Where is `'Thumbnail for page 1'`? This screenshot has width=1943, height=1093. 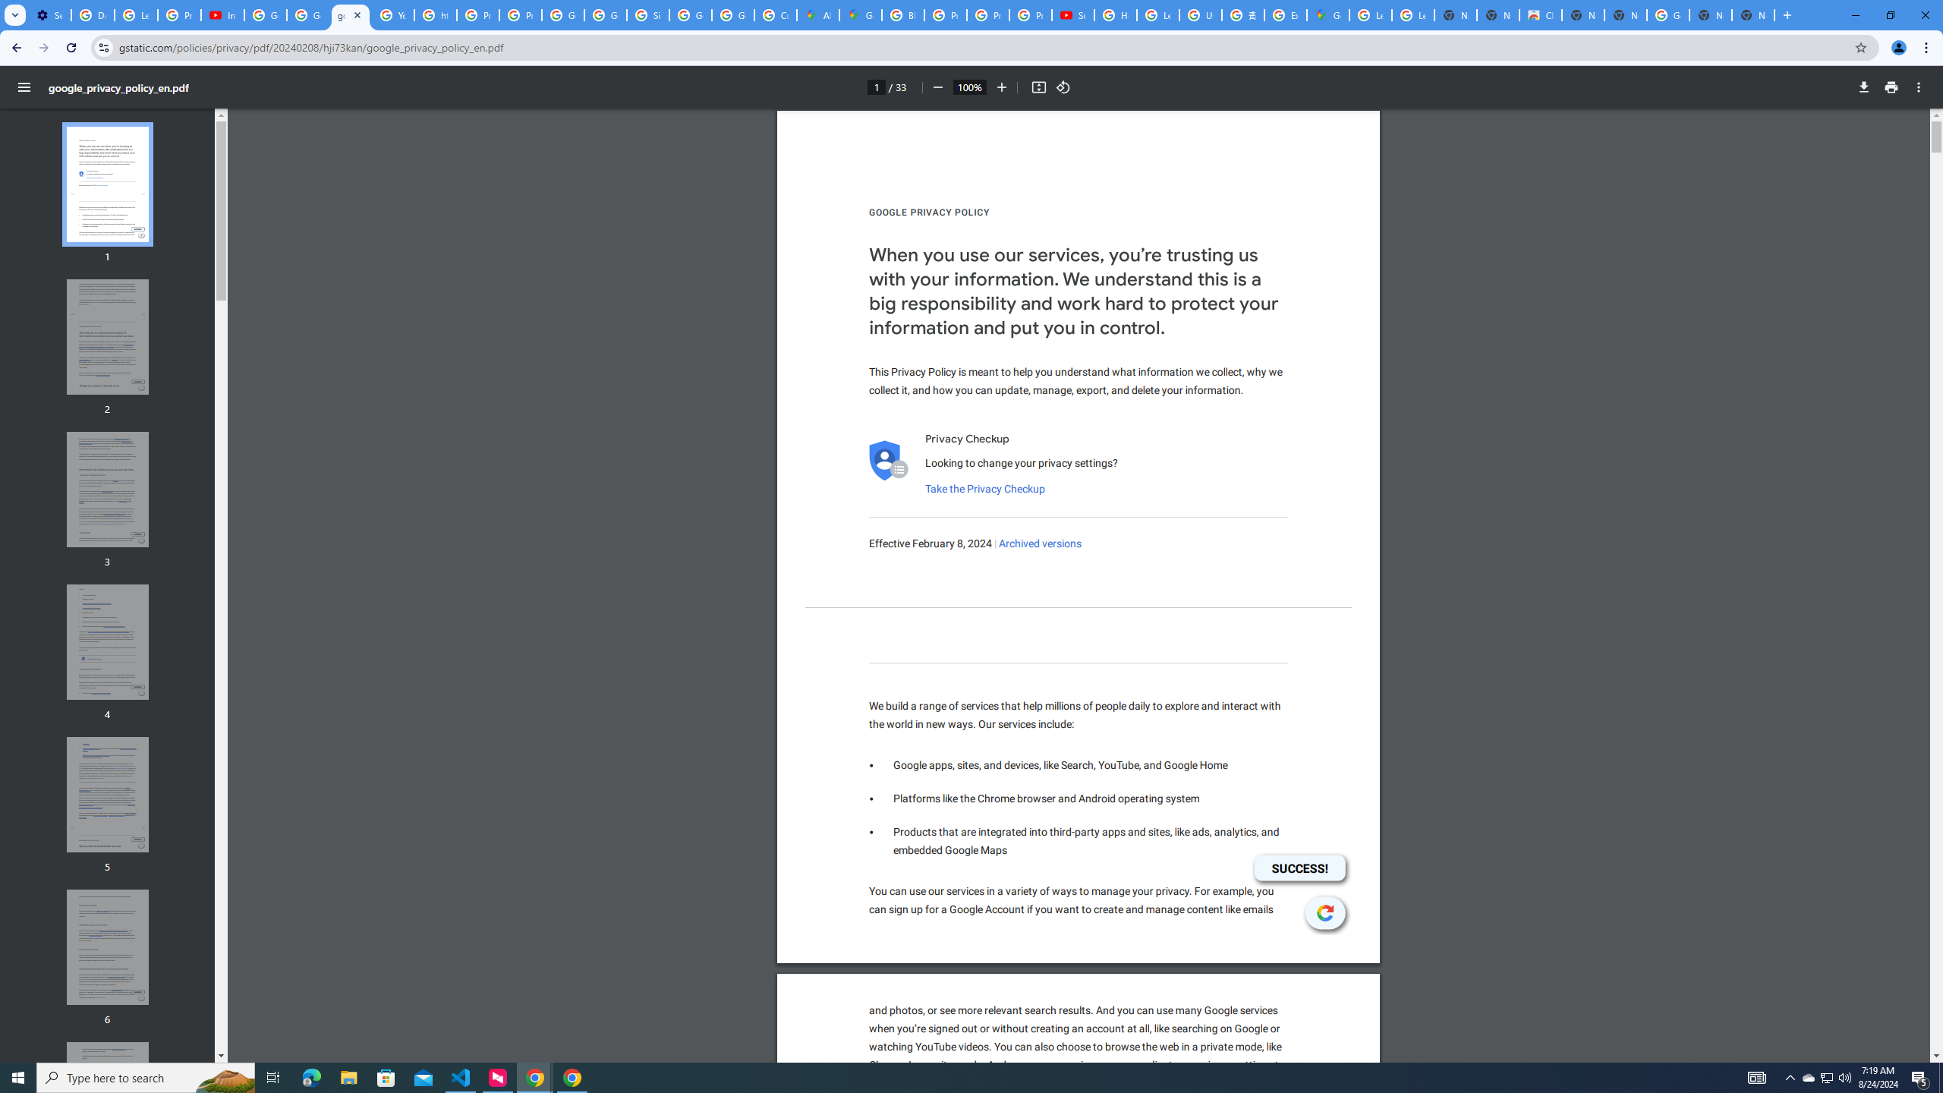
'Thumbnail for page 1' is located at coordinates (108, 184).